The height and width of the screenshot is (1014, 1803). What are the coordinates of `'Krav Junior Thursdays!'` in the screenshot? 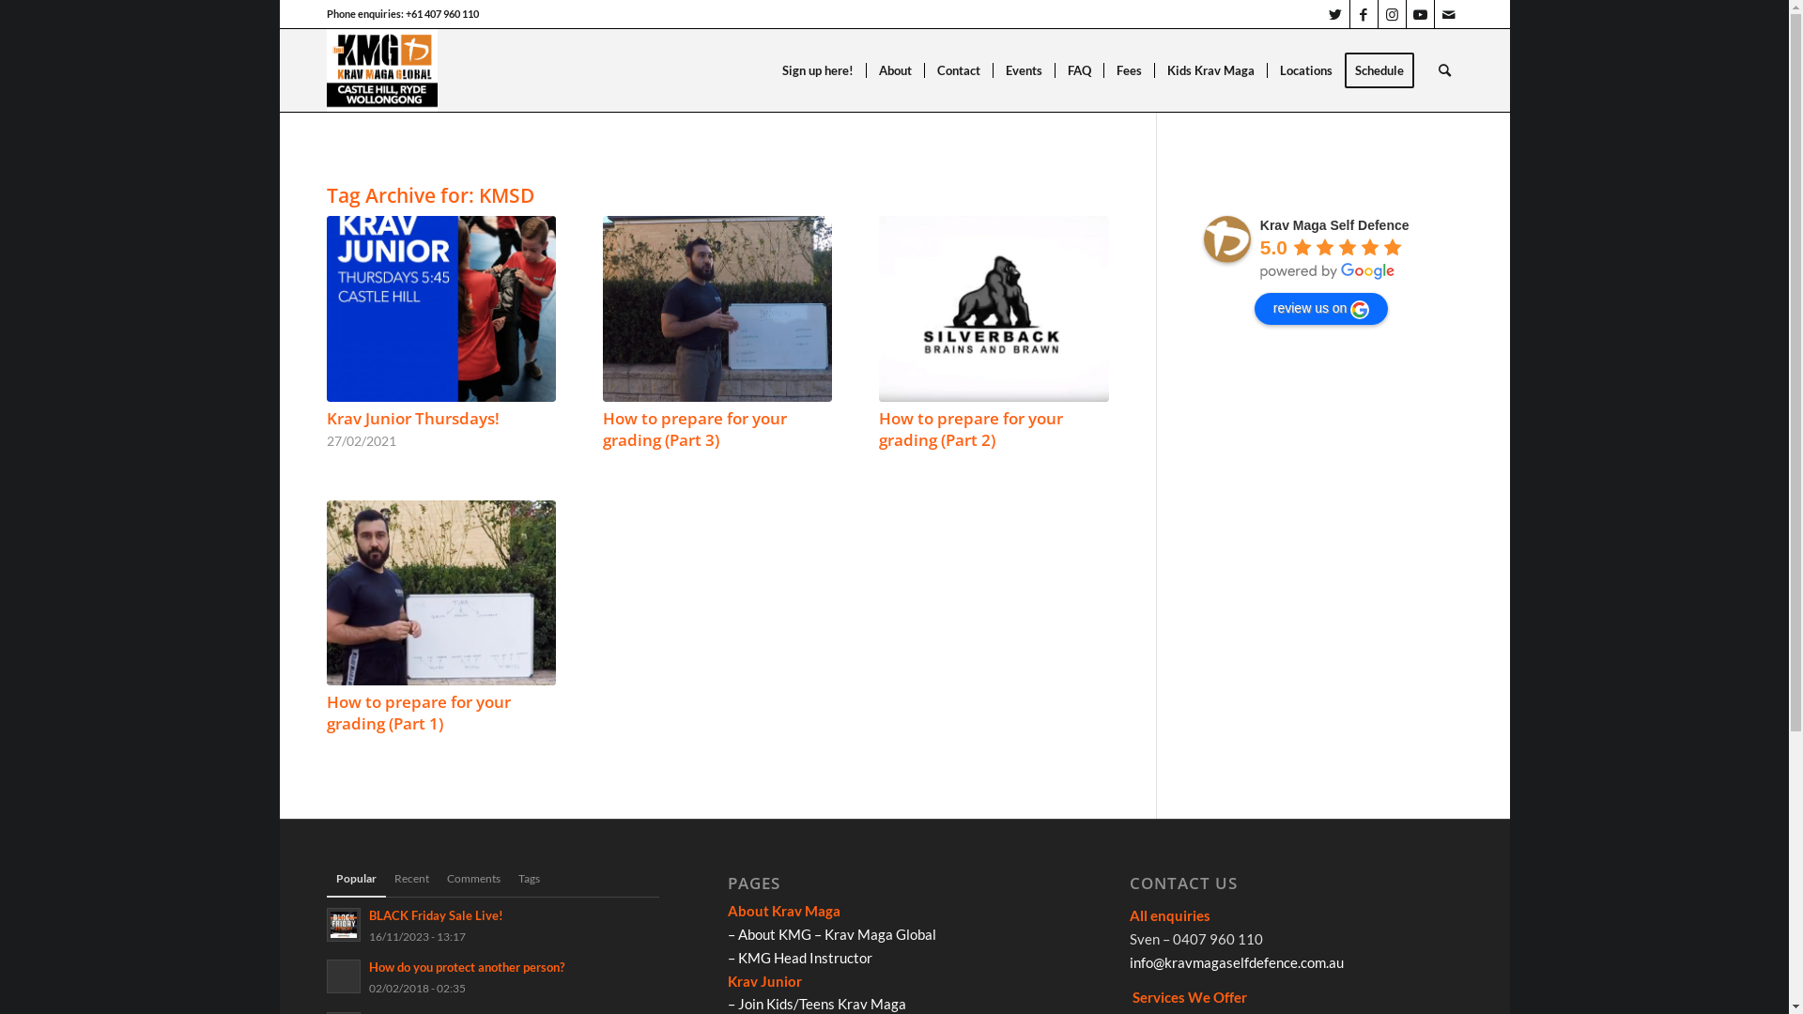 It's located at (440, 307).